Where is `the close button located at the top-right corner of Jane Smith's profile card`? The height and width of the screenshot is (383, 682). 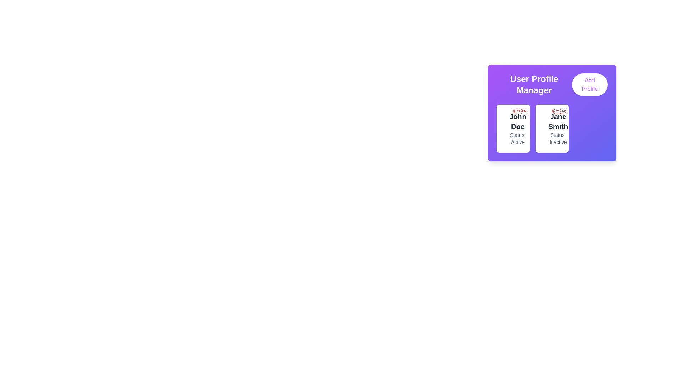
the close button located at the top-right corner of Jane Smith's profile card is located at coordinates (558, 112).